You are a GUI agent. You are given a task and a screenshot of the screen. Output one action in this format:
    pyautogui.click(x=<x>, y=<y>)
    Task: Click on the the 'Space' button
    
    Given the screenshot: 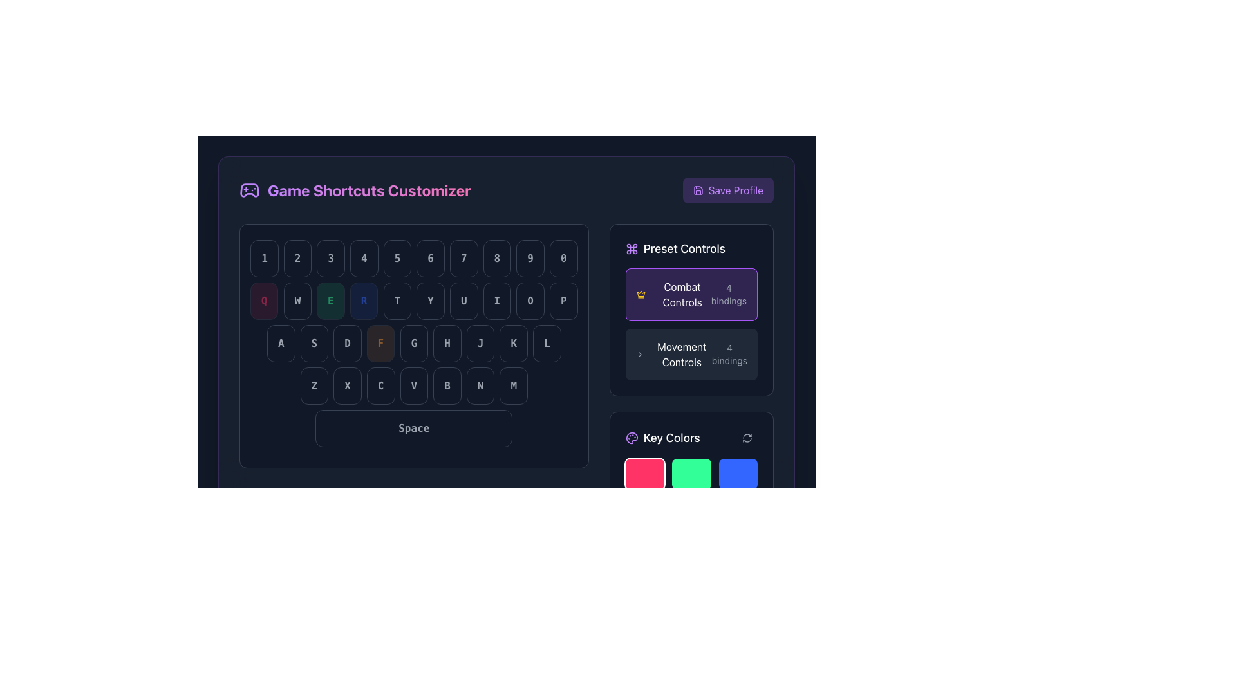 What is the action you would take?
    pyautogui.click(x=414, y=429)
    